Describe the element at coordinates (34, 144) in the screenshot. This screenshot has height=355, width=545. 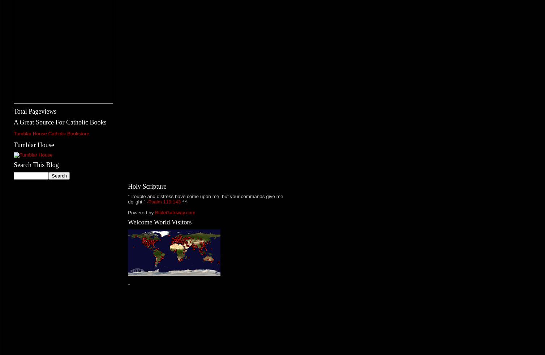
I see `'Tumblar House'` at that location.